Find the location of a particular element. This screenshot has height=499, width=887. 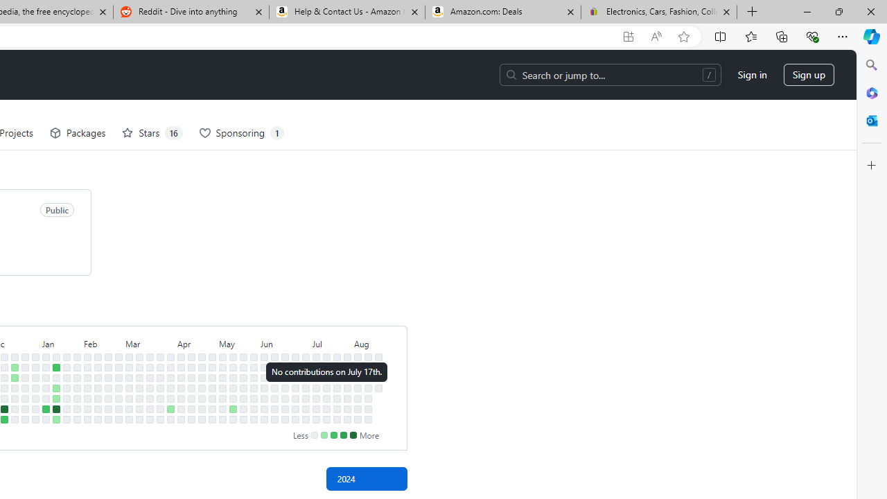

'No contributions on April 16th.' is located at coordinates (191, 378).